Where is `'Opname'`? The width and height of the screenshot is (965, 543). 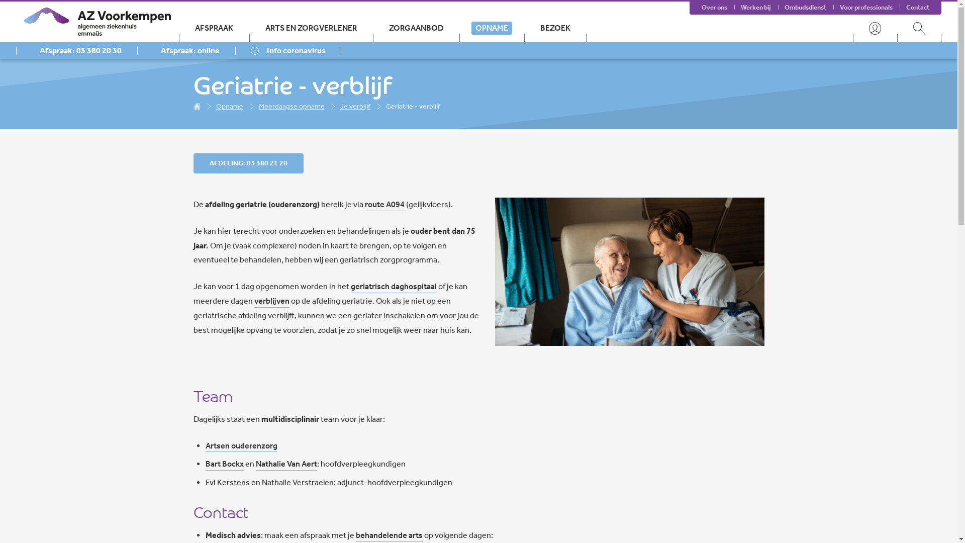
'Opname' is located at coordinates (229, 106).